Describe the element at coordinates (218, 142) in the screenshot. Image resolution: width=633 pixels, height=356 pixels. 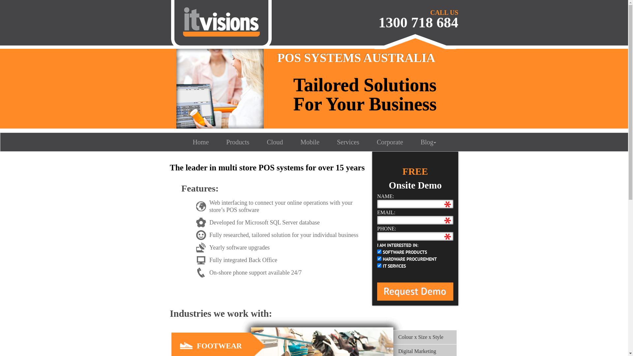
I see `'Products'` at that location.